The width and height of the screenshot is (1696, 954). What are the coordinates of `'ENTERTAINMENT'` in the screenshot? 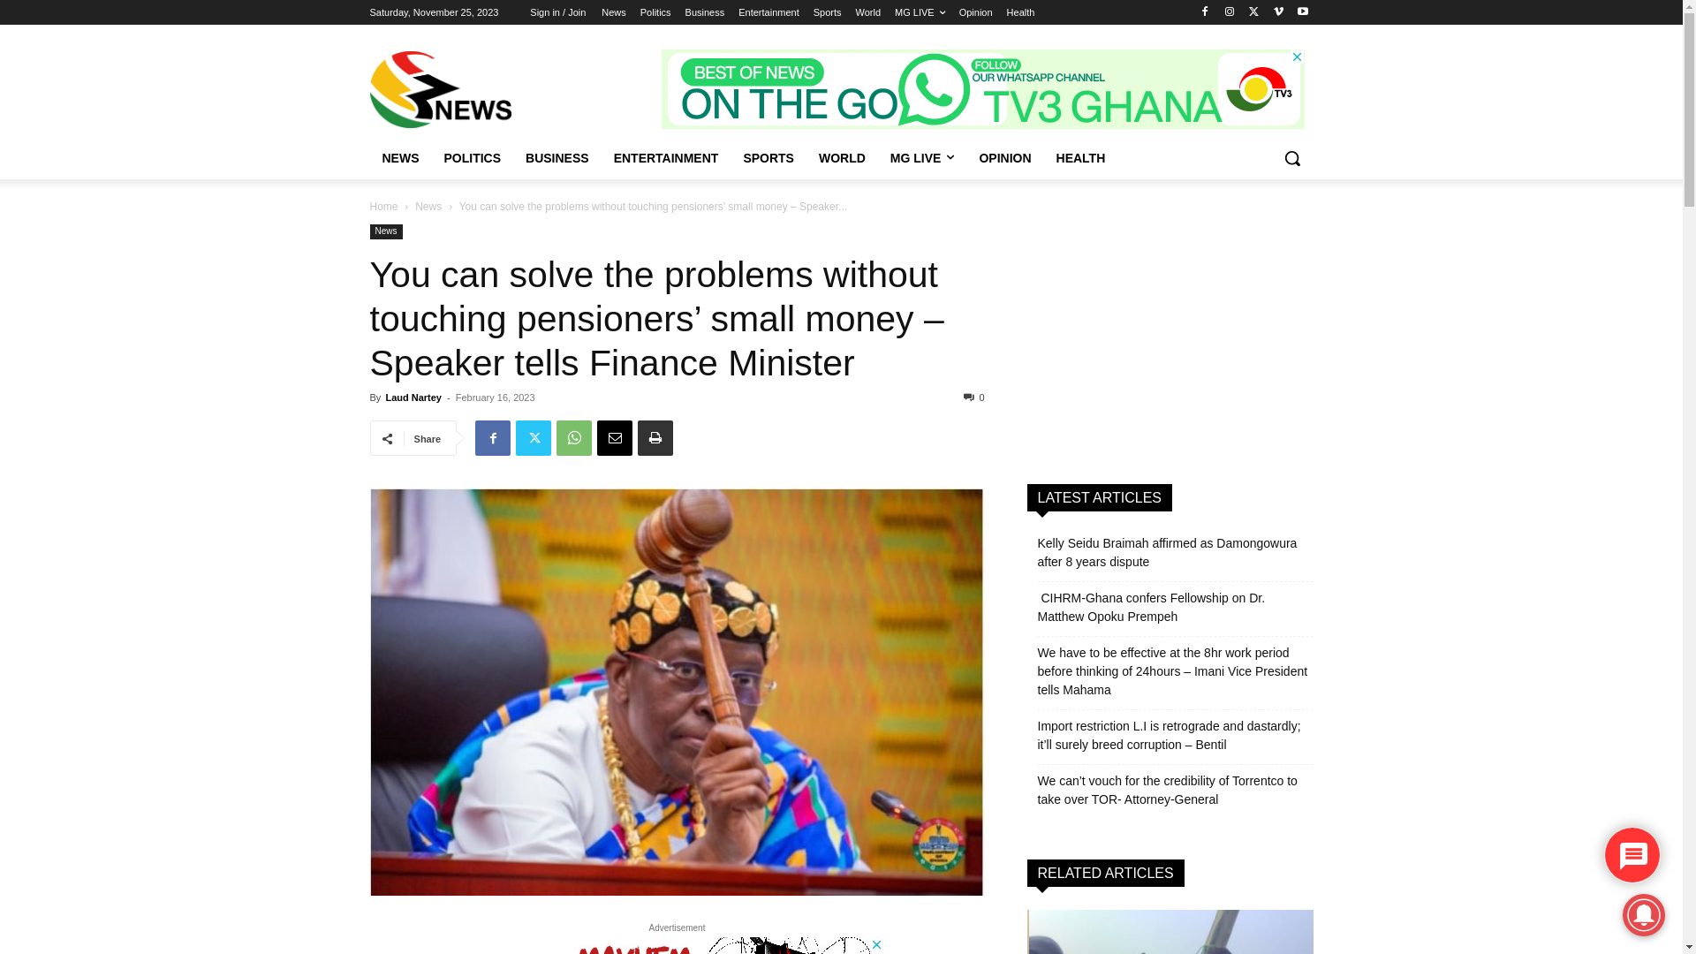 It's located at (665, 156).